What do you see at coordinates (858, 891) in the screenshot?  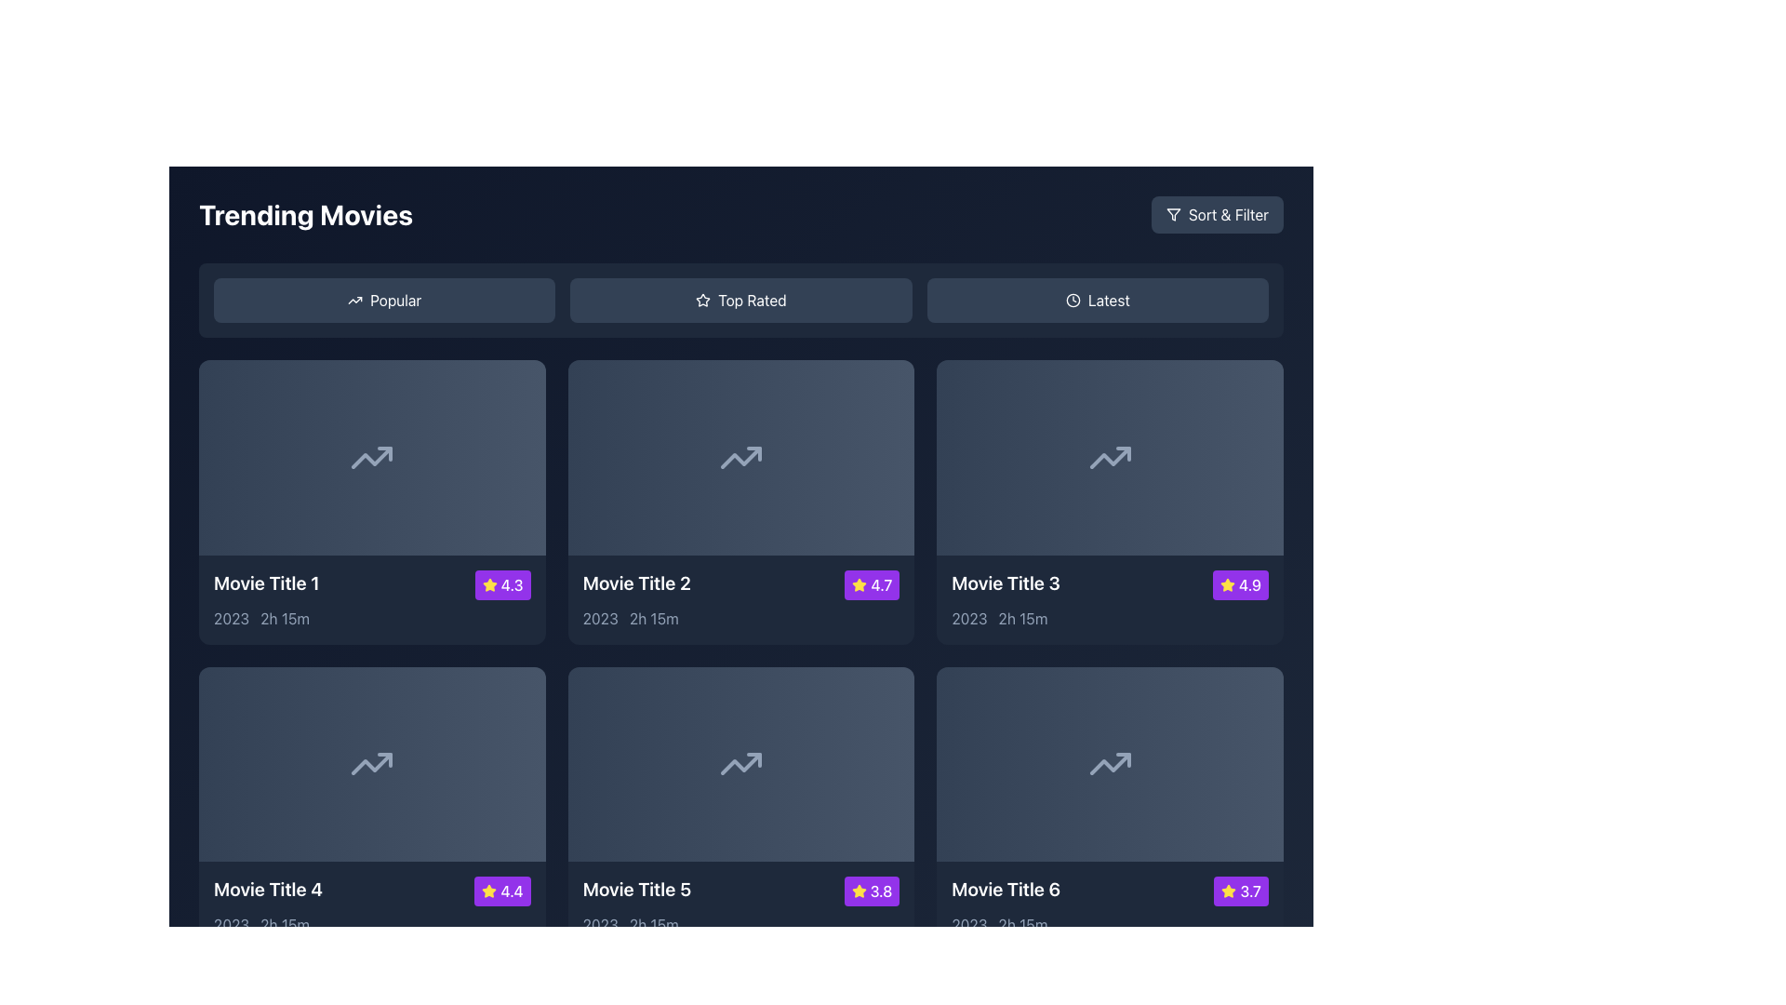 I see `the rating indicator icon located next to the text '3.8' within the purple background, representing the rating for 'Movie Title 5'` at bounding box center [858, 891].